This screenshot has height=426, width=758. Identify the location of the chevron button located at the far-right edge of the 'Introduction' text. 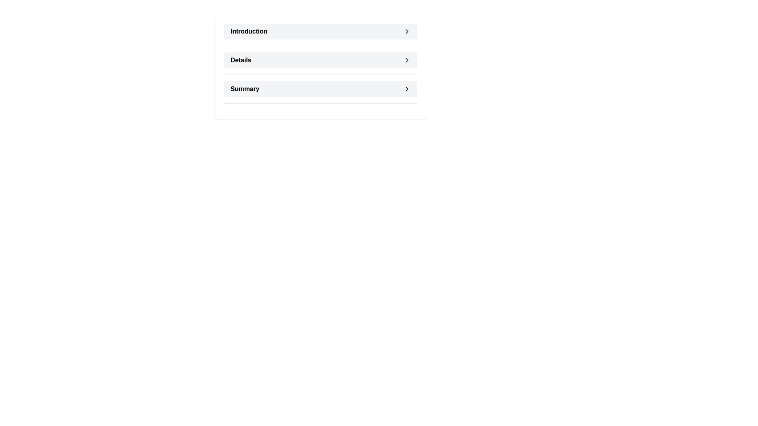
(407, 31).